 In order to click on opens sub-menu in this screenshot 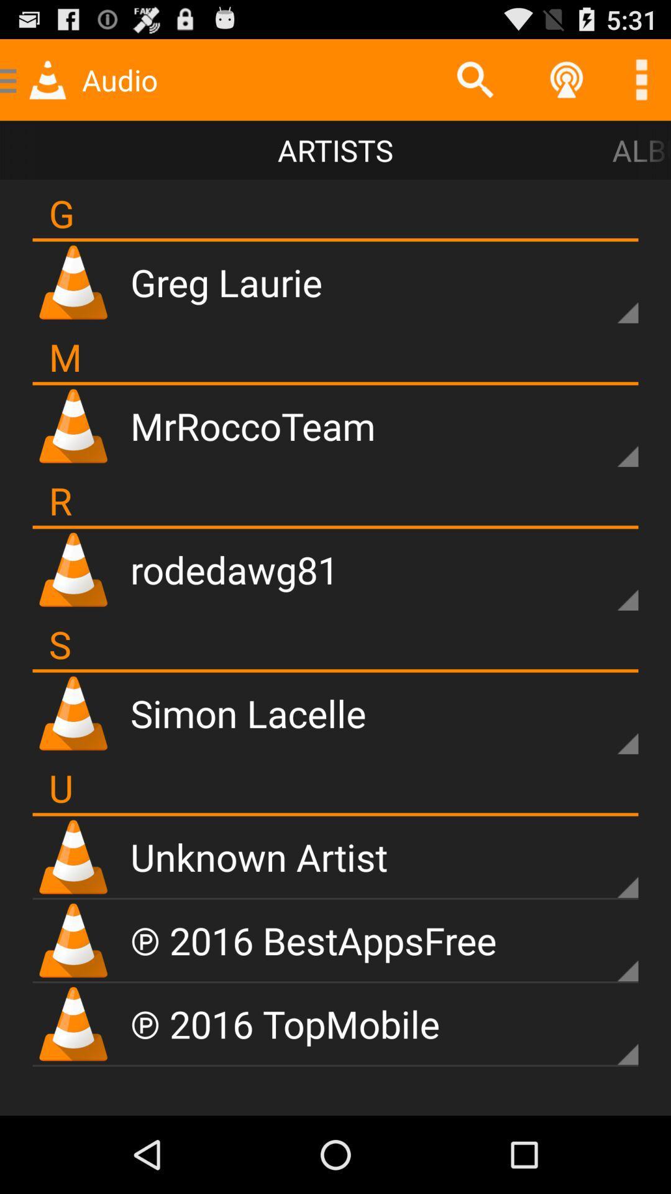, I will do `click(606, 723)`.